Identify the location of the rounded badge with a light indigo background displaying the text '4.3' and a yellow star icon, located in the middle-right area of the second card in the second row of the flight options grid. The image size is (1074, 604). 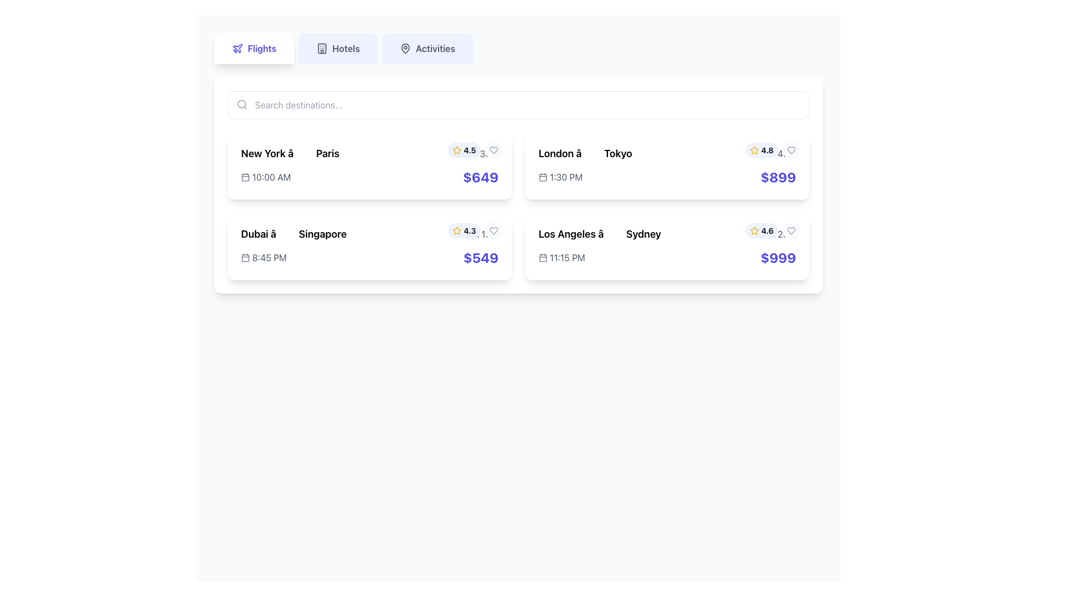
(464, 230).